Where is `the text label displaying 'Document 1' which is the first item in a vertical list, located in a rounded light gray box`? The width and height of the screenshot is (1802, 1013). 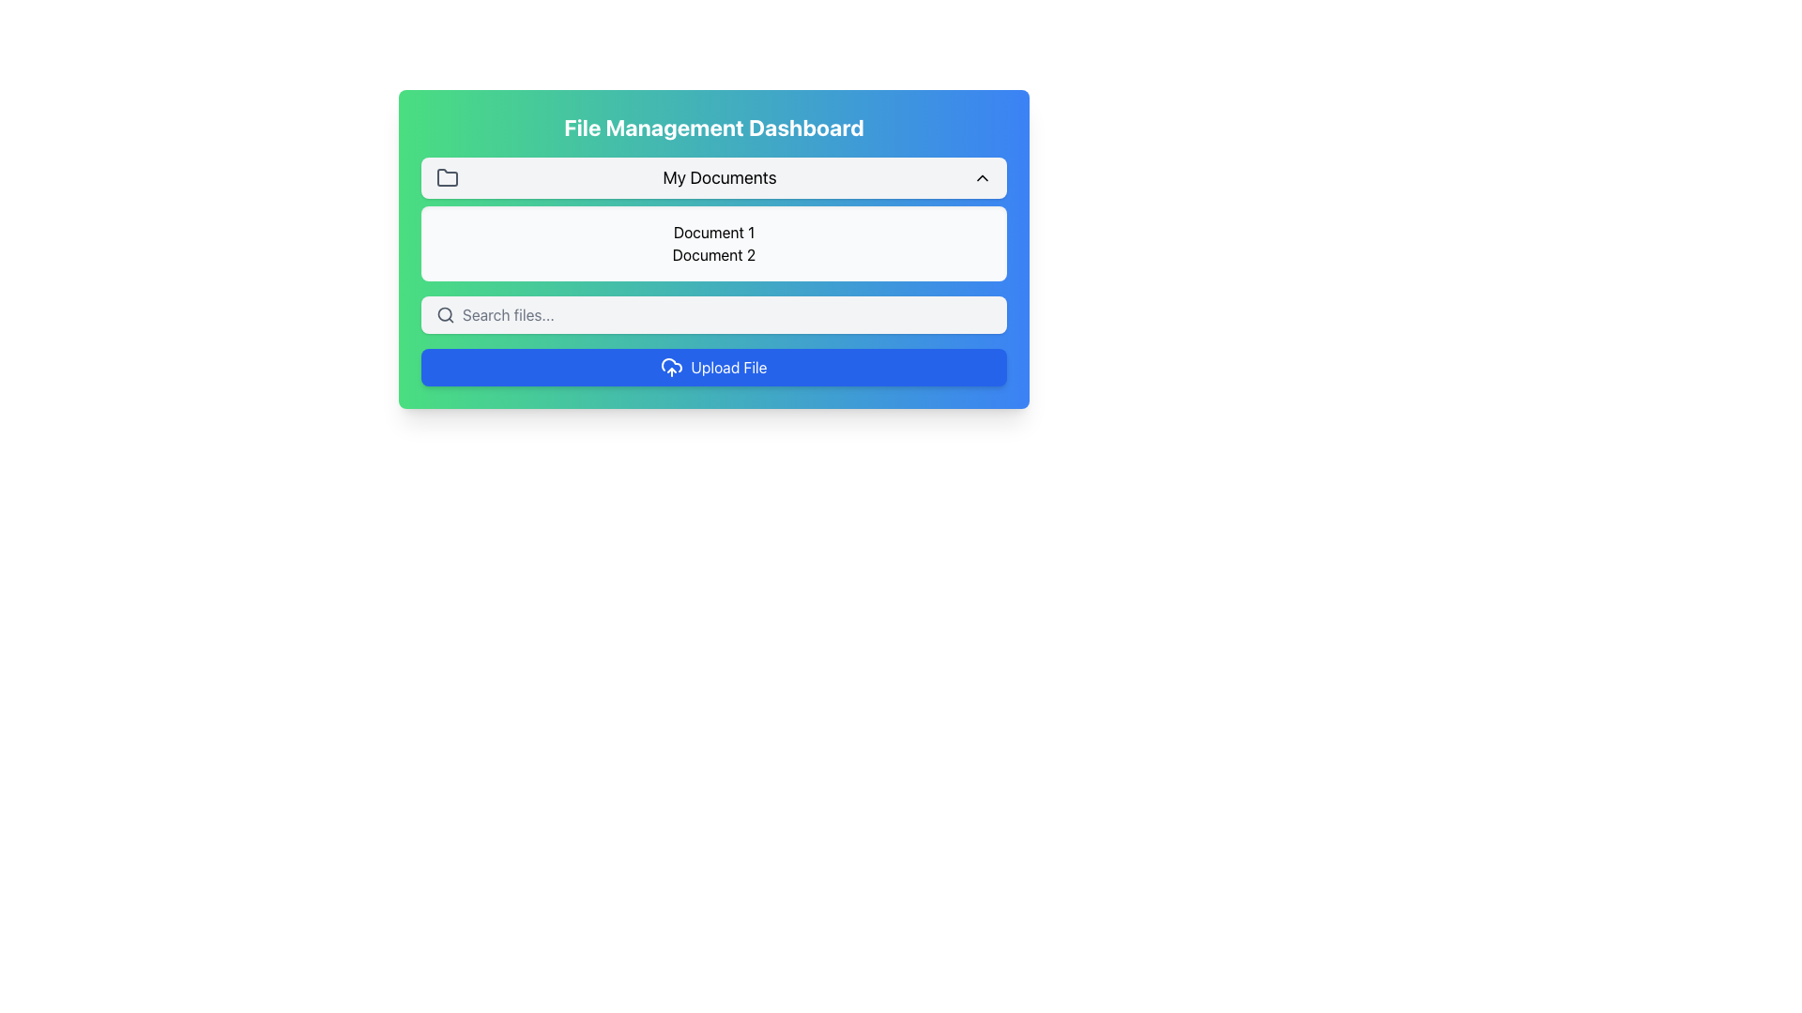
the text label displaying 'Document 1' which is the first item in a vertical list, located in a rounded light gray box is located at coordinates (713, 231).